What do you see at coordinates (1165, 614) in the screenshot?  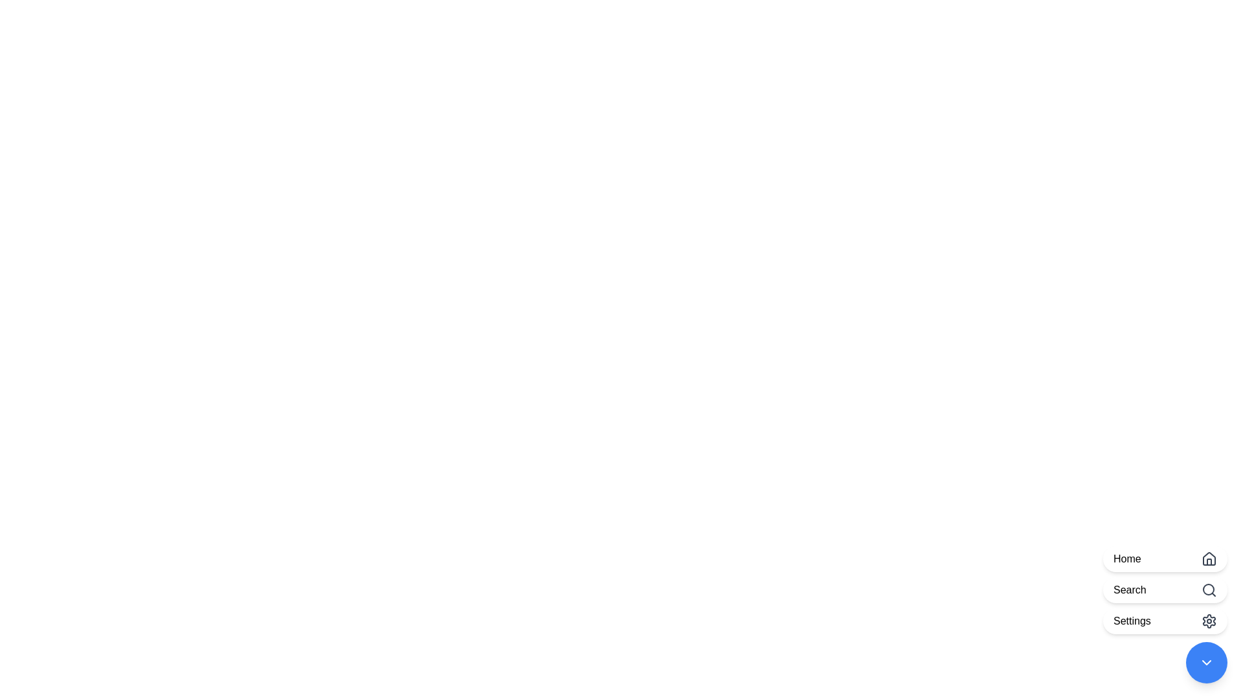 I see `the settings button located in the bottom-right region of the interface, which is the third item in a vertical list of buttons` at bounding box center [1165, 614].